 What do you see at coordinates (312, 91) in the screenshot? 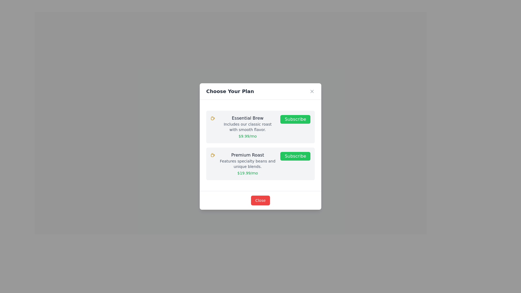
I see `the Close Button located at the top-right corner of the modal` at bounding box center [312, 91].